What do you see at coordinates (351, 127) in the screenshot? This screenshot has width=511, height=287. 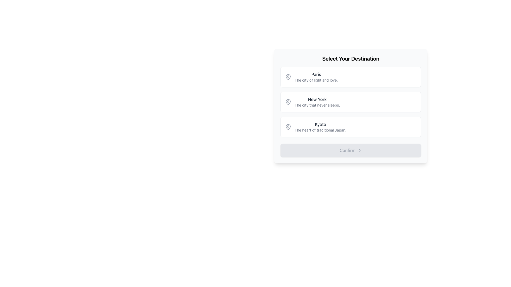 I see `the selectable card labeled 'Kyoto'` at bounding box center [351, 127].